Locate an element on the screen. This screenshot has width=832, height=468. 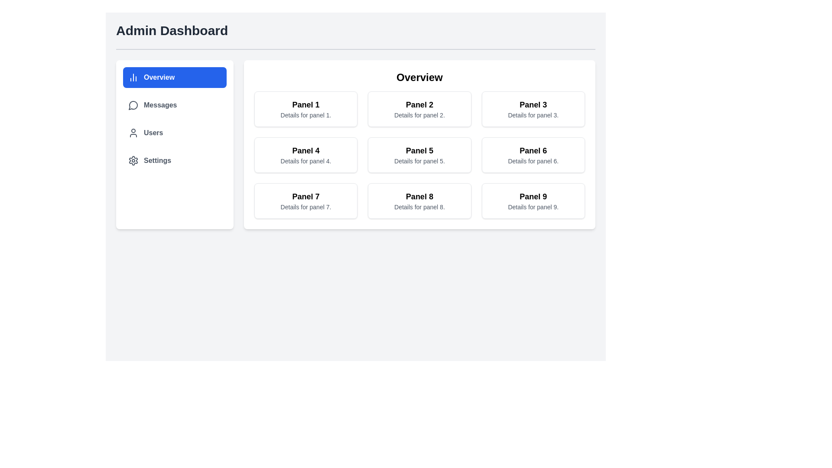
the descriptive text element for 'Panel 1', which is located directly below the title 'Panel 1' in the first panel of a grid layout is located at coordinates (305, 115).